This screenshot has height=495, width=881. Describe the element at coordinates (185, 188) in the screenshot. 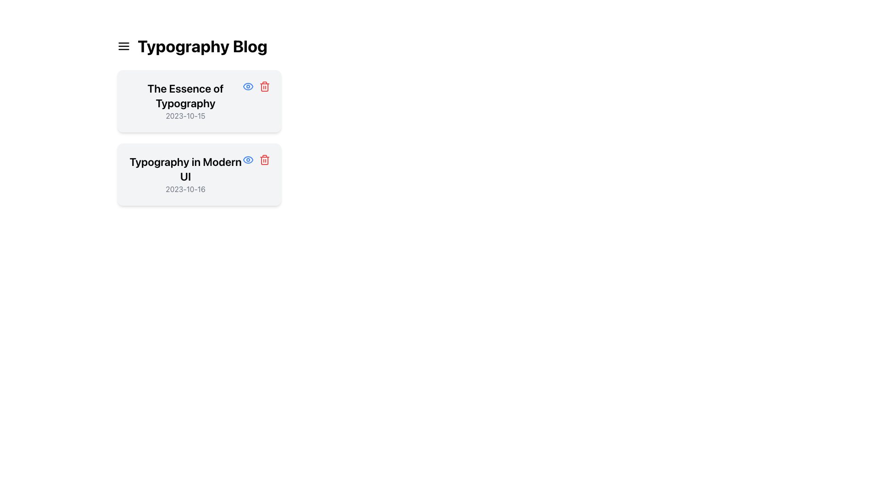

I see `the text label displaying the publication date of the article titled 'Typography in Modern UI', which is centrally aligned within the second card of the list` at that location.